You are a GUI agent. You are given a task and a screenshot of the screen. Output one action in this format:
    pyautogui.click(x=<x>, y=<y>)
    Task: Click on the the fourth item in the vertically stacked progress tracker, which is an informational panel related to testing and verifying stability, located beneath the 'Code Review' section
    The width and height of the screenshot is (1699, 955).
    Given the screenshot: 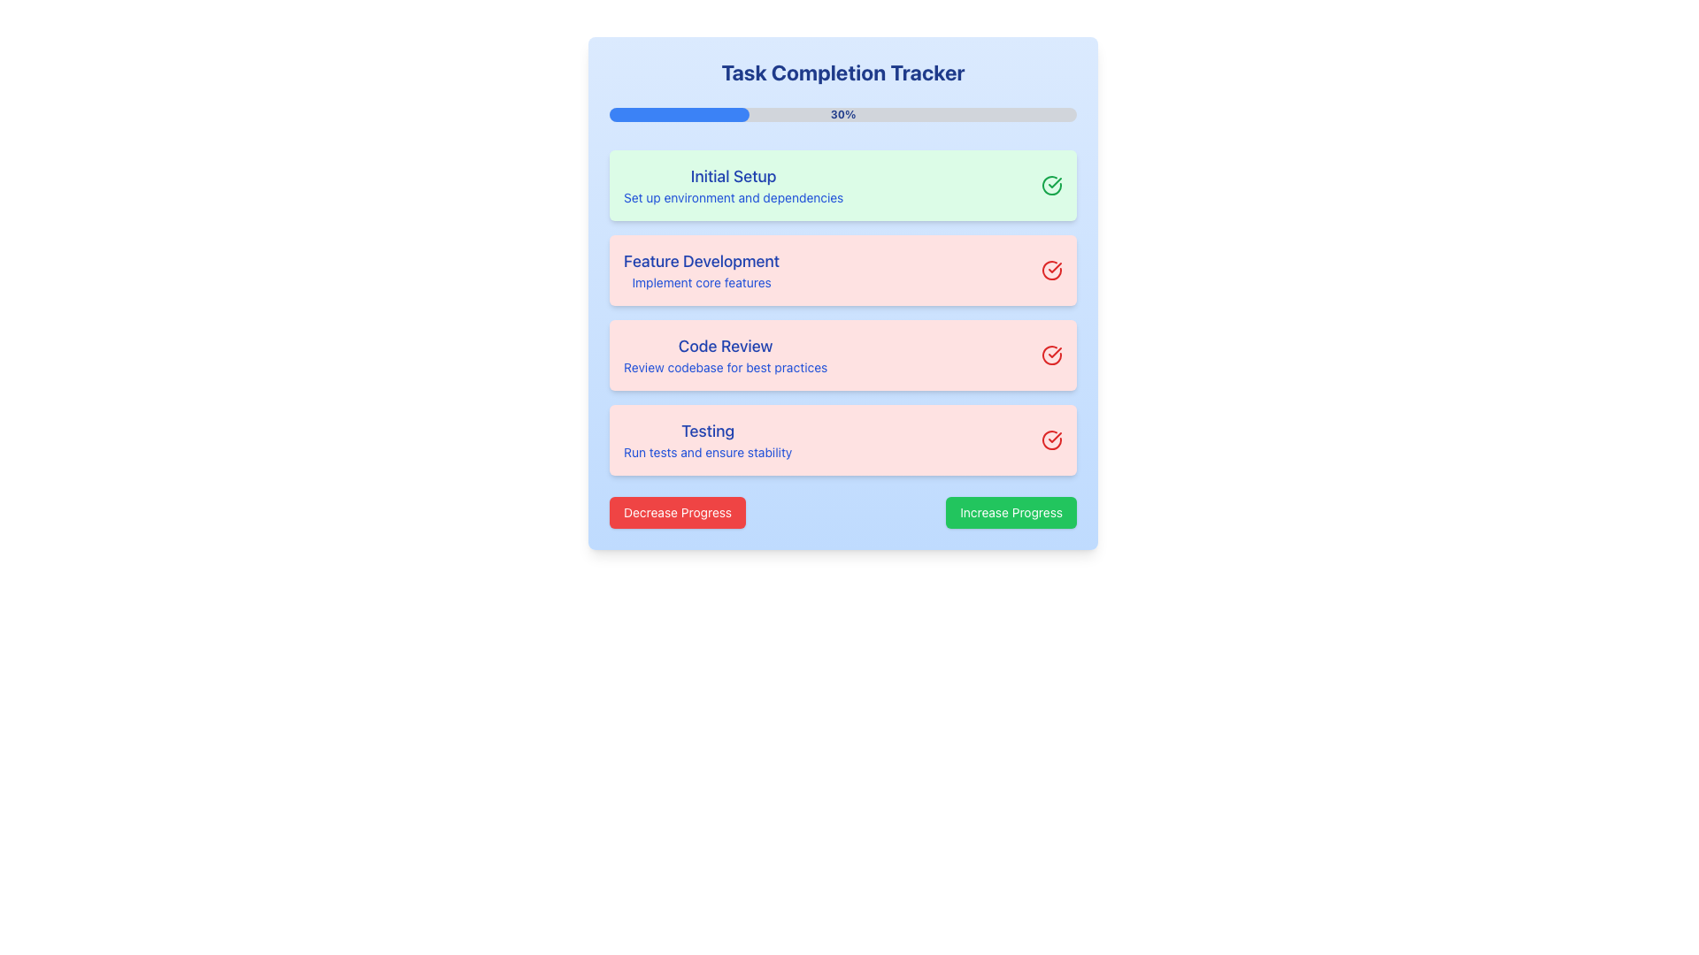 What is the action you would take?
    pyautogui.click(x=842, y=439)
    